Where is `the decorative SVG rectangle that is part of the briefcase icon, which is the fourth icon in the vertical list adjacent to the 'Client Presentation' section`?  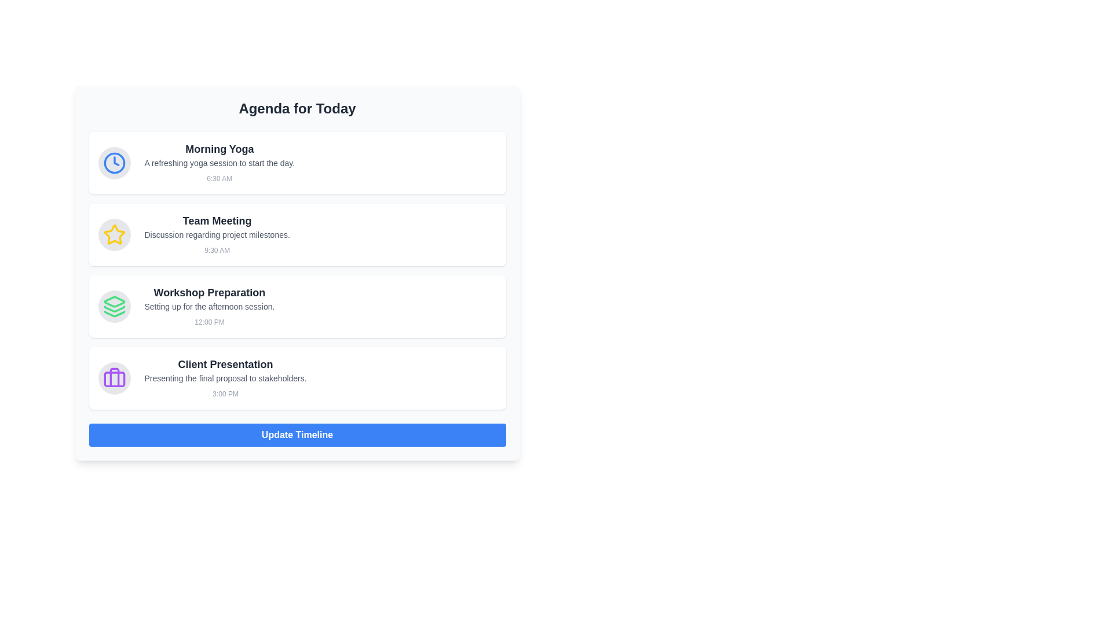 the decorative SVG rectangle that is part of the briefcase icon, which is the fourth icon in the vertical list adjacent to the 'Client Presentation' section is located at coordinates (114, 379).